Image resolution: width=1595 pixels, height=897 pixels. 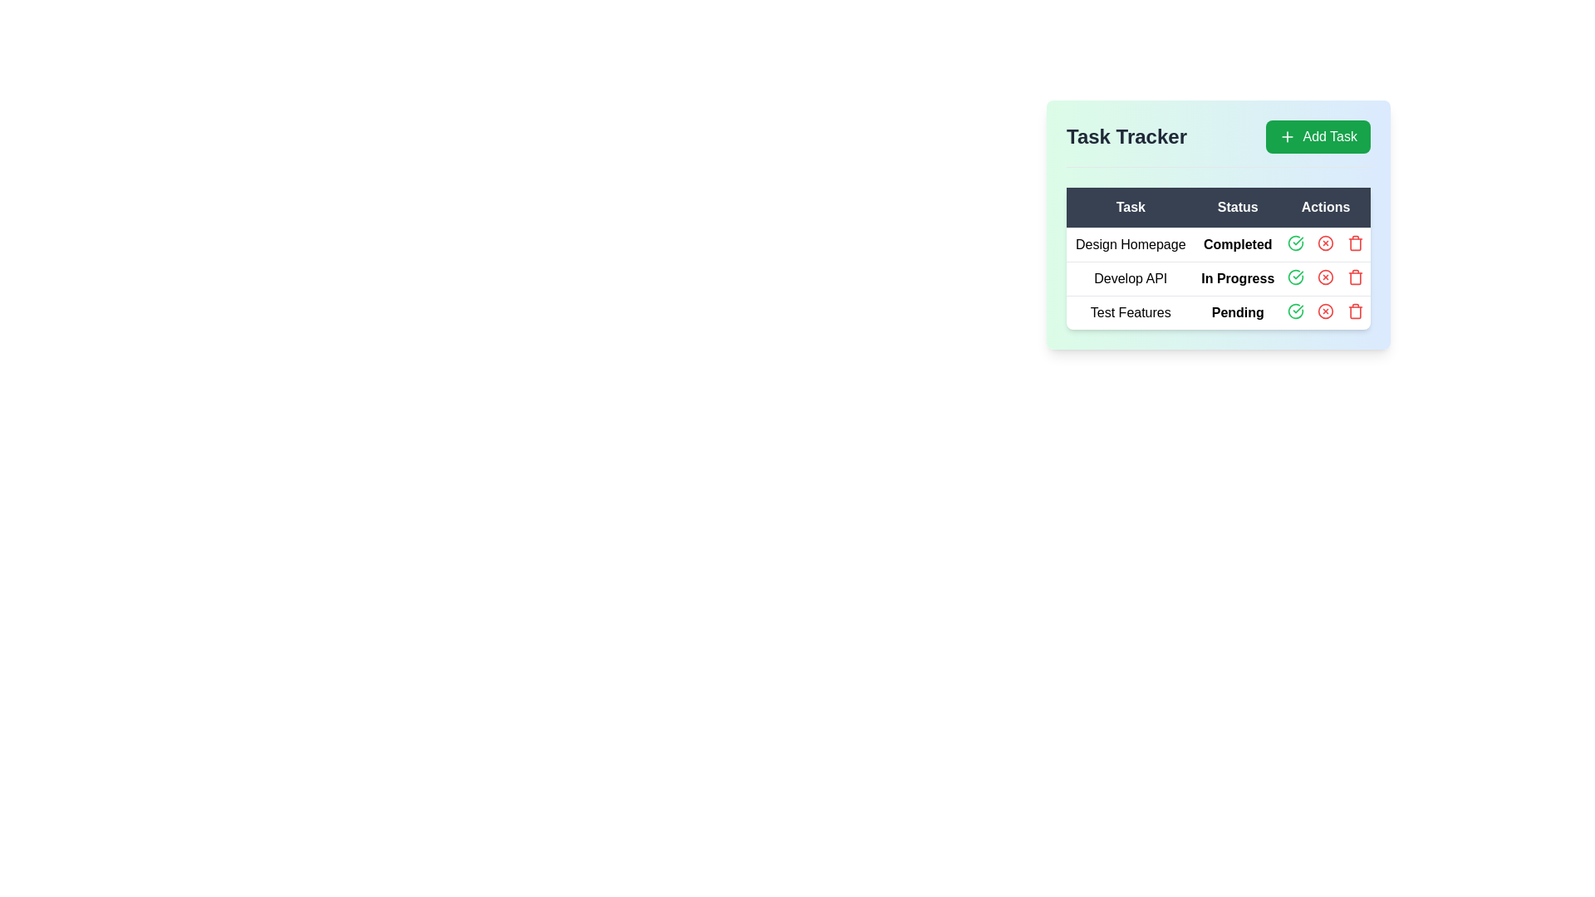 What do you see at coordinates (1325, 311) in the screenshot?
I see `the reject button located in the 'Actions' column of the row labeled 'Test Features'` at bounding box center [1325, 311].